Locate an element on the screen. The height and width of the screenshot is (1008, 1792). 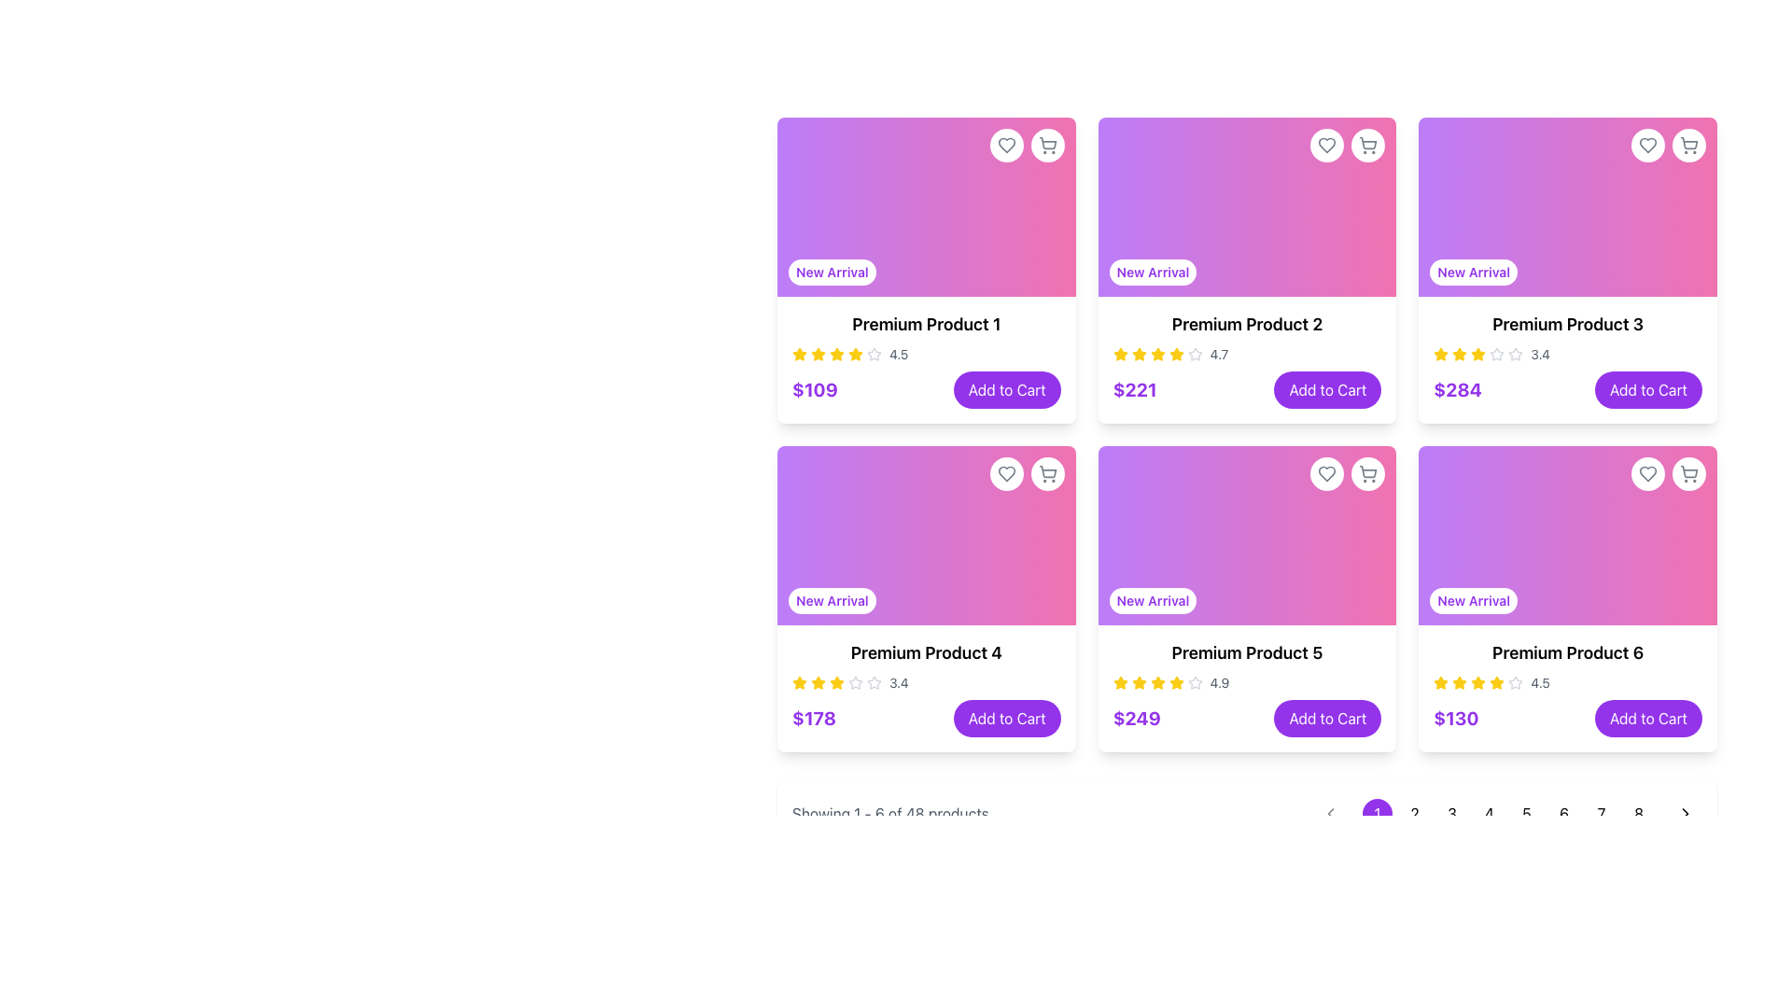
the third yellow star icon in the rating system below the product title 'Premium Product 2' is located at coordinates (1138, 355).